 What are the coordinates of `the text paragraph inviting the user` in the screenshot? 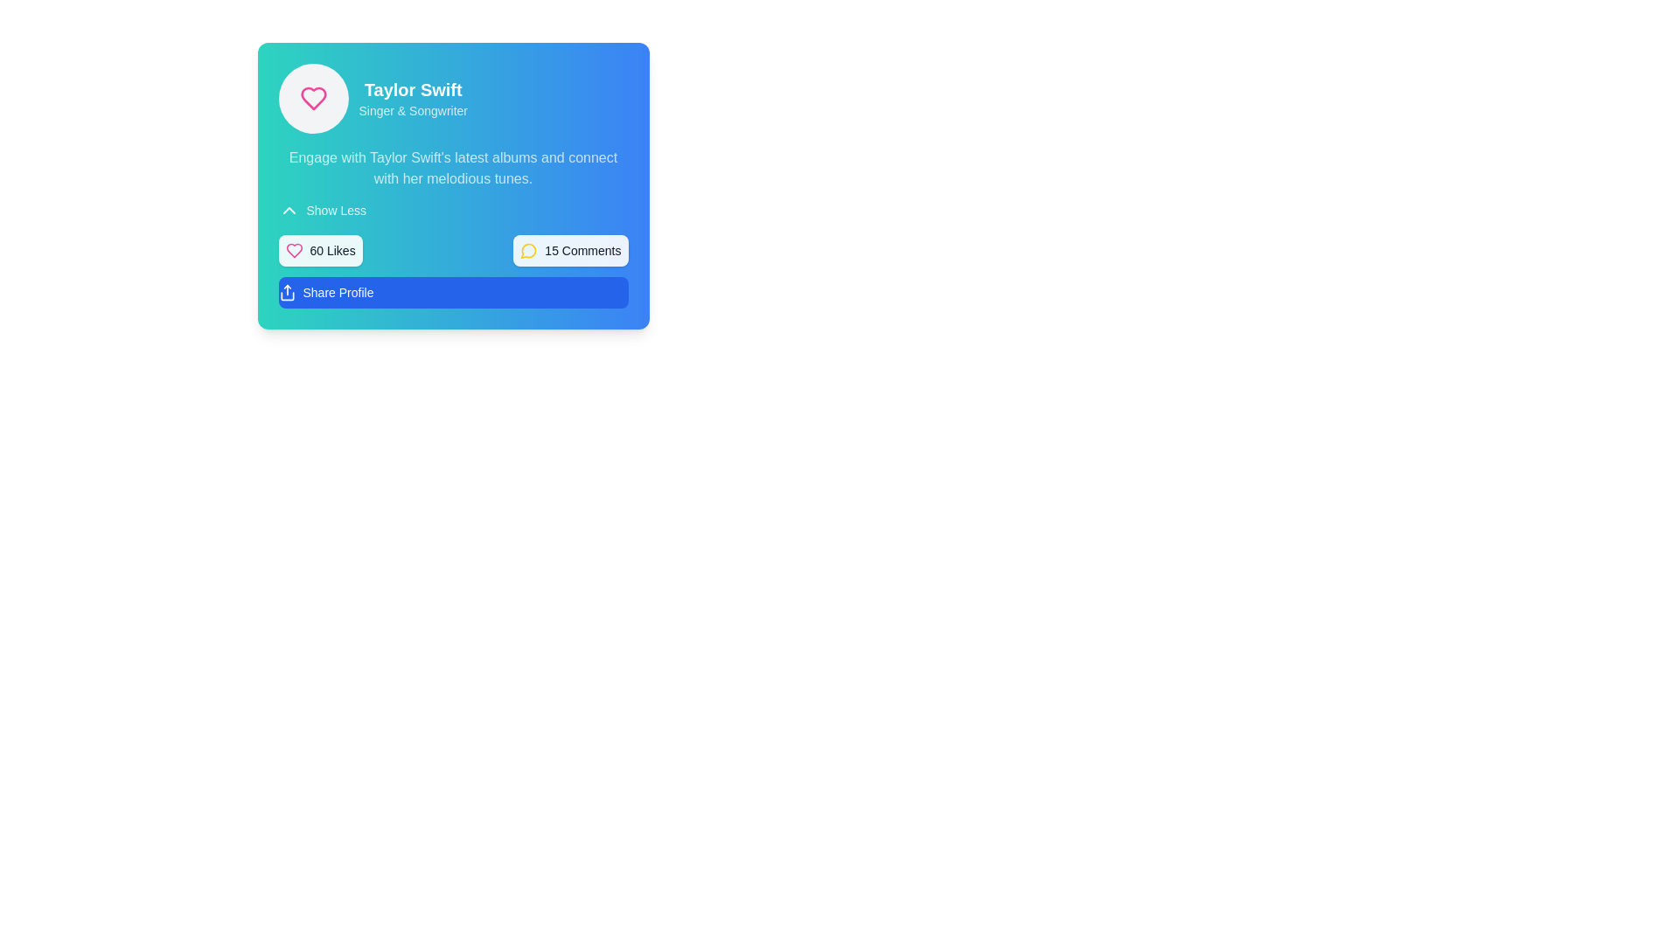 It's located at (453, 168).